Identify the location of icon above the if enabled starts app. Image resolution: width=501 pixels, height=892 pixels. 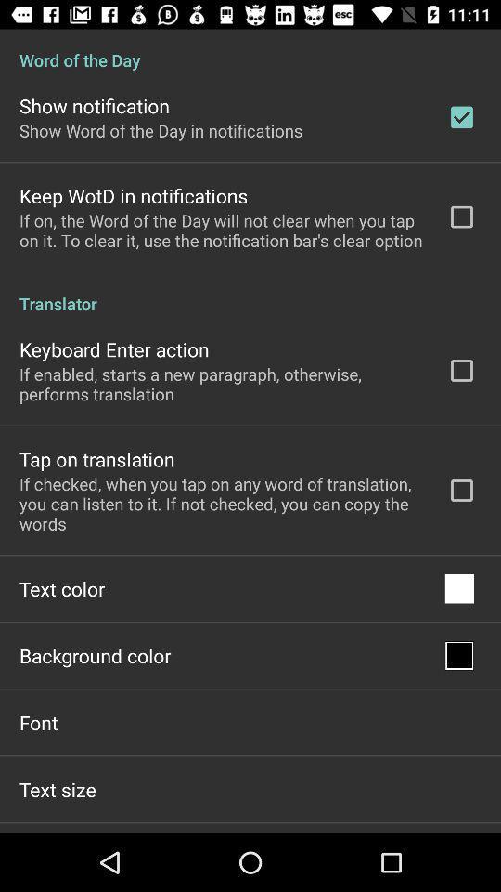
(114, 348).